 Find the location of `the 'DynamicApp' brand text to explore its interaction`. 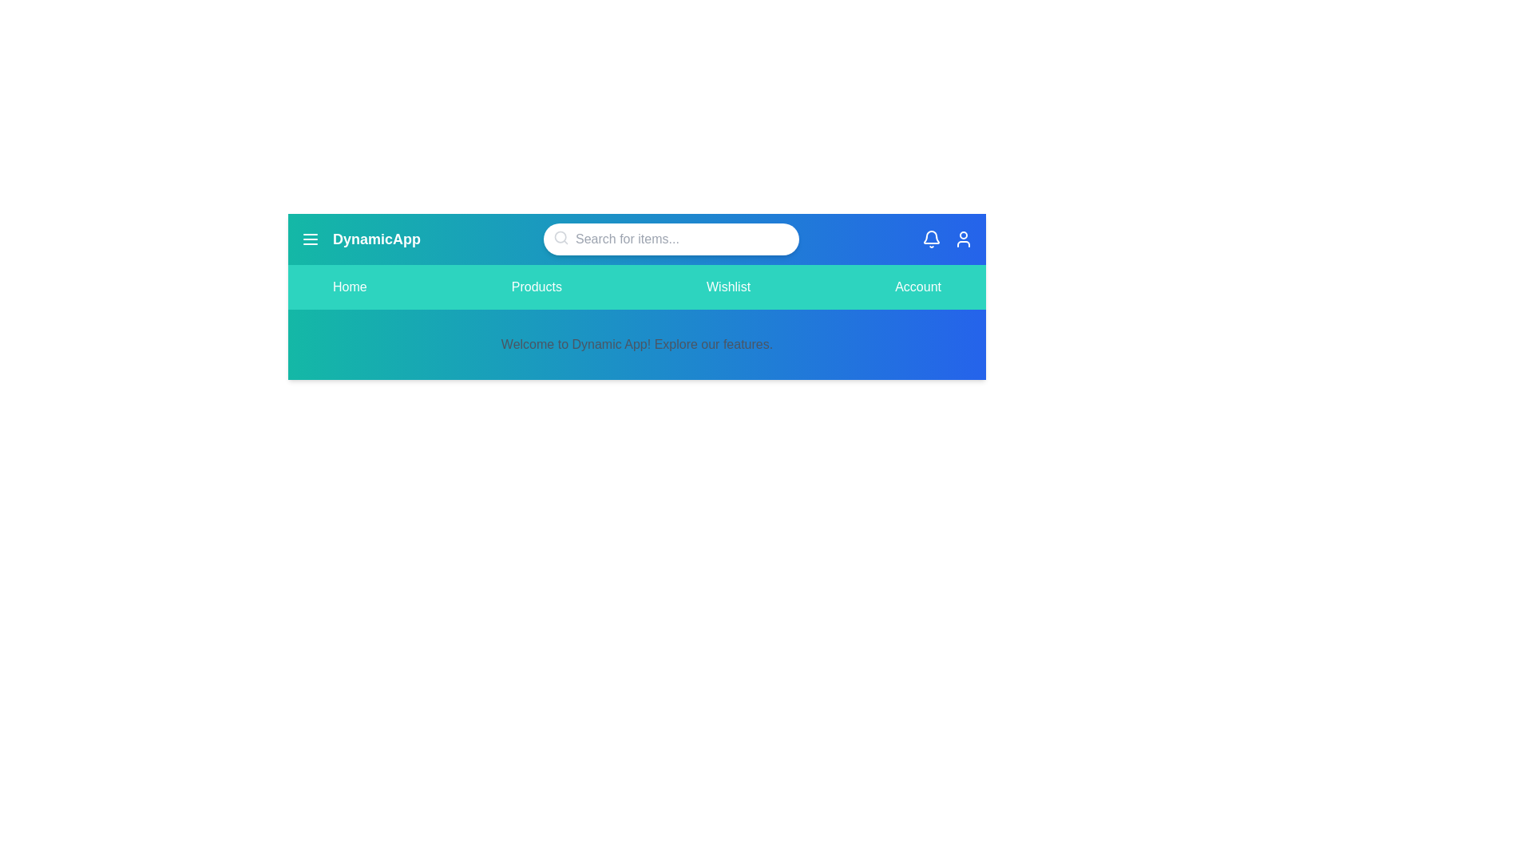

the 'DynamicApp' brand text to explore its interaction is located at coordinates (375, 239).